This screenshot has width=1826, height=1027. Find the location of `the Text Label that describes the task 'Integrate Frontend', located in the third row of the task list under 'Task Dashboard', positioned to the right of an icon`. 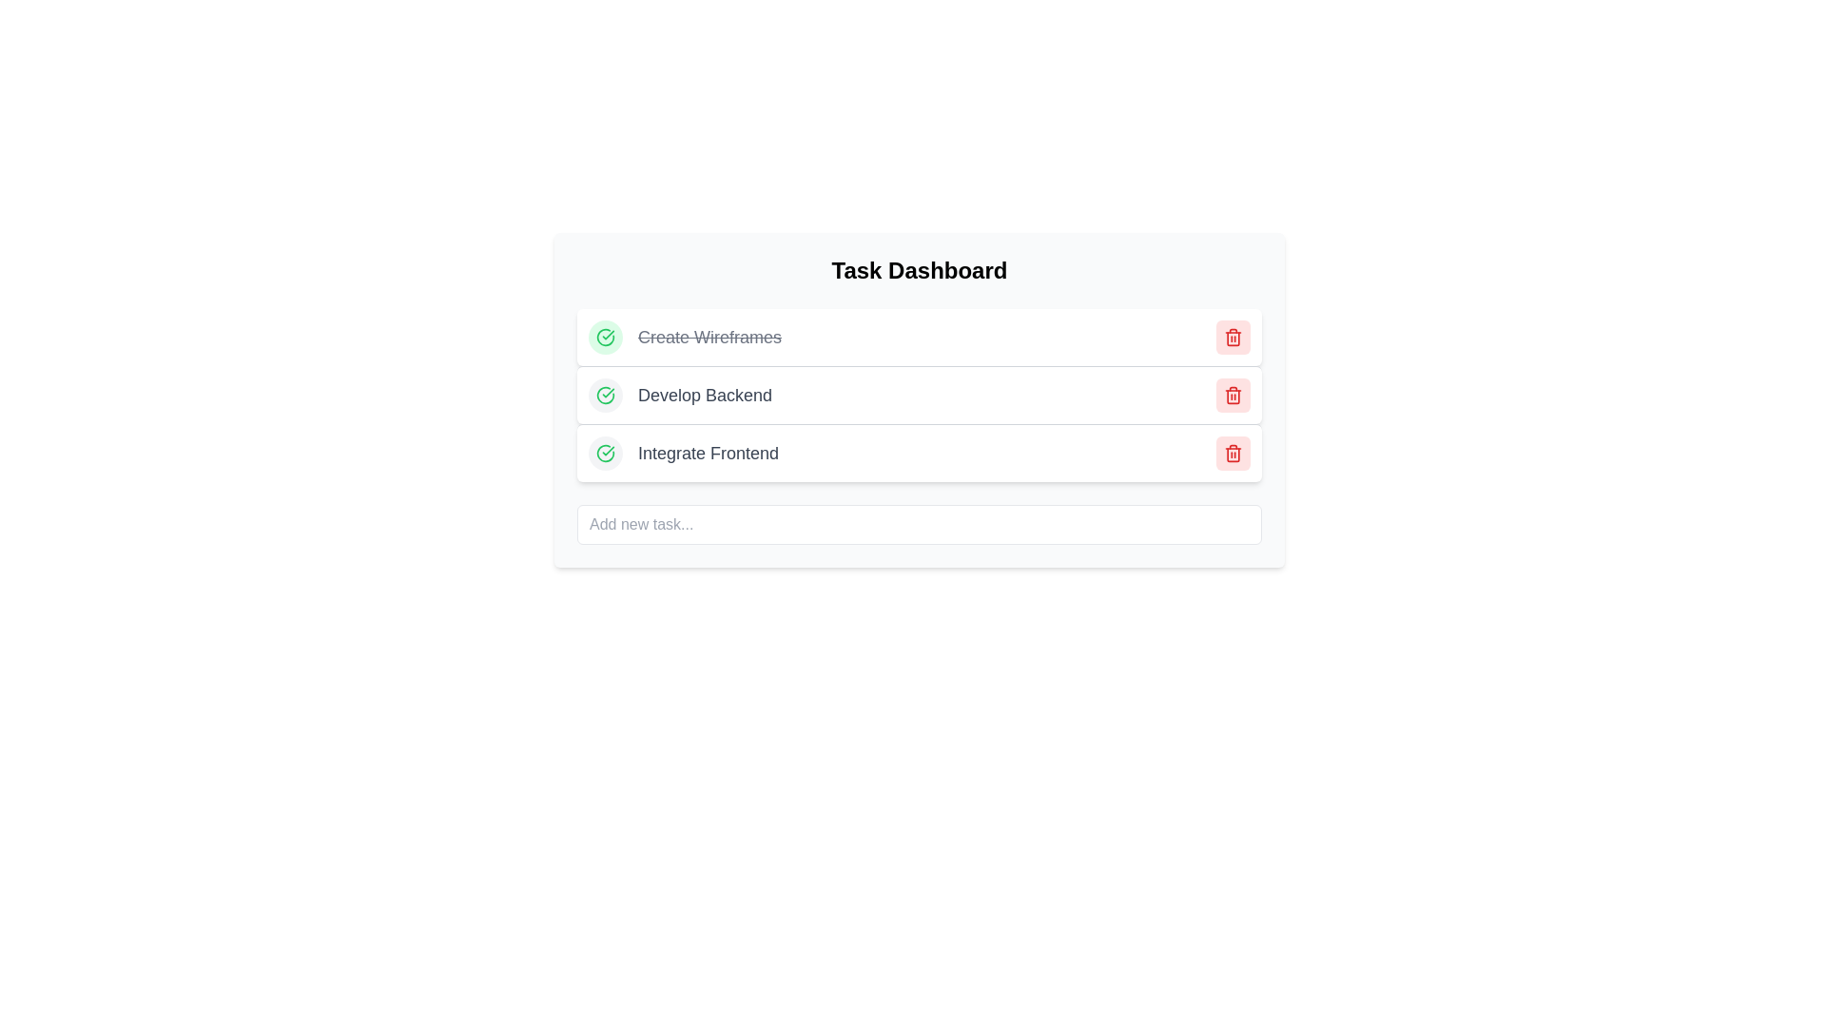

the Text Label that describes the task 'Integrate Frontend', located in the third row of the task list under 'Task Dashboard', positioned to the right of an icon is located at coordinates (707, 454).